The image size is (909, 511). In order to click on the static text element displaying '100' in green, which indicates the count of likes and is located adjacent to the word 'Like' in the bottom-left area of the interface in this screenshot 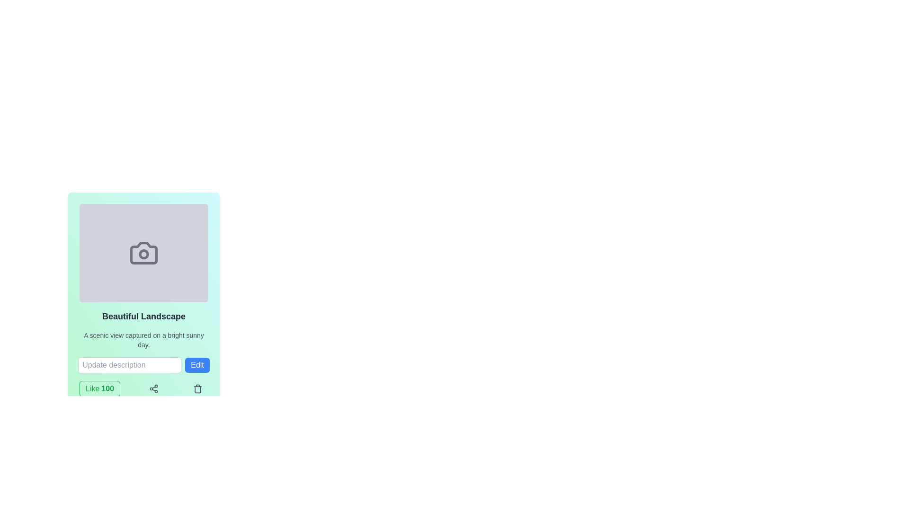, I will do `click(107, 388)`.